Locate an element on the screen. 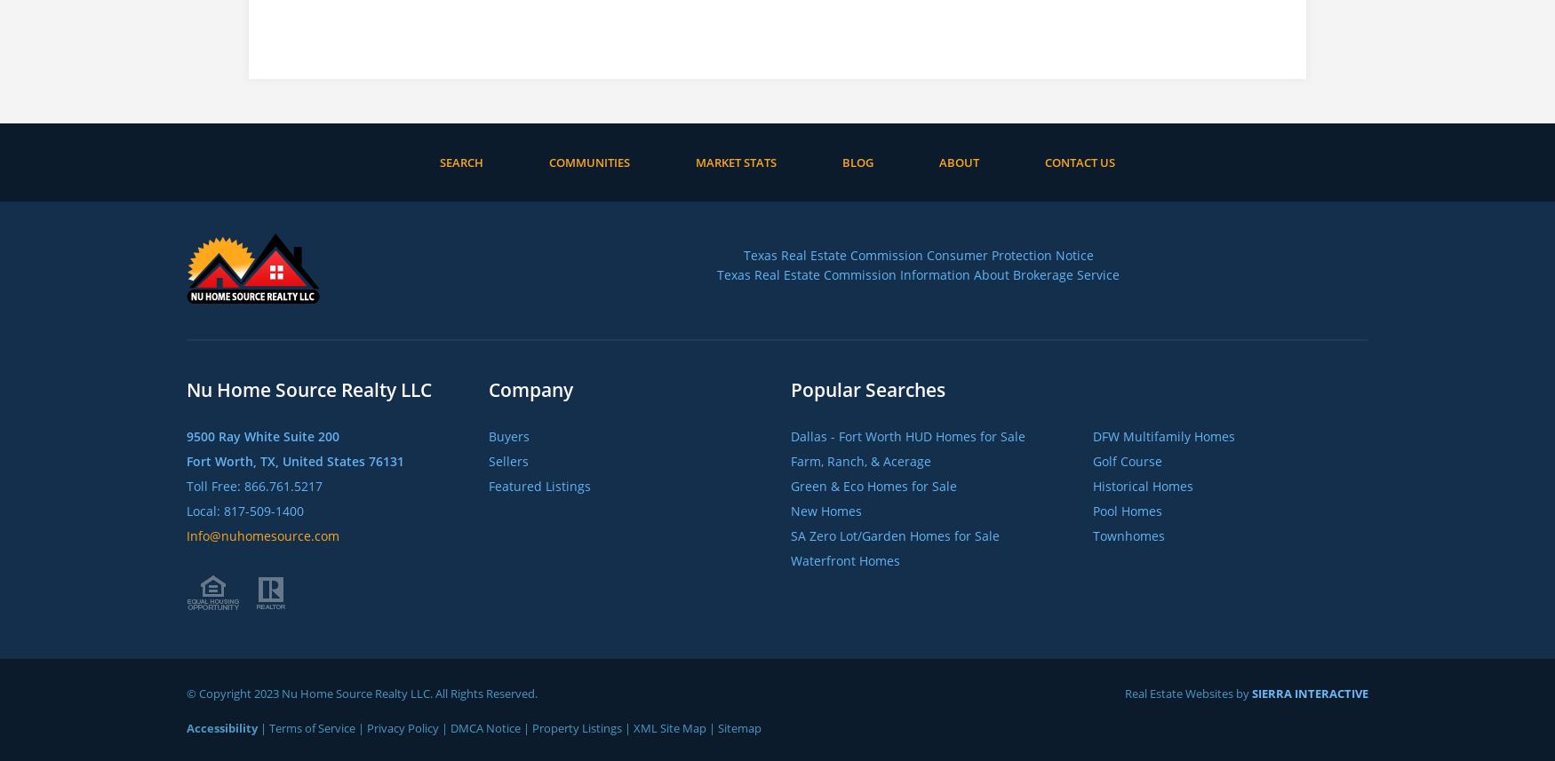 The width and height of the screenshot is (1555, 761). 'Real Estate Websites by' is located at coordinates (1123, 693).